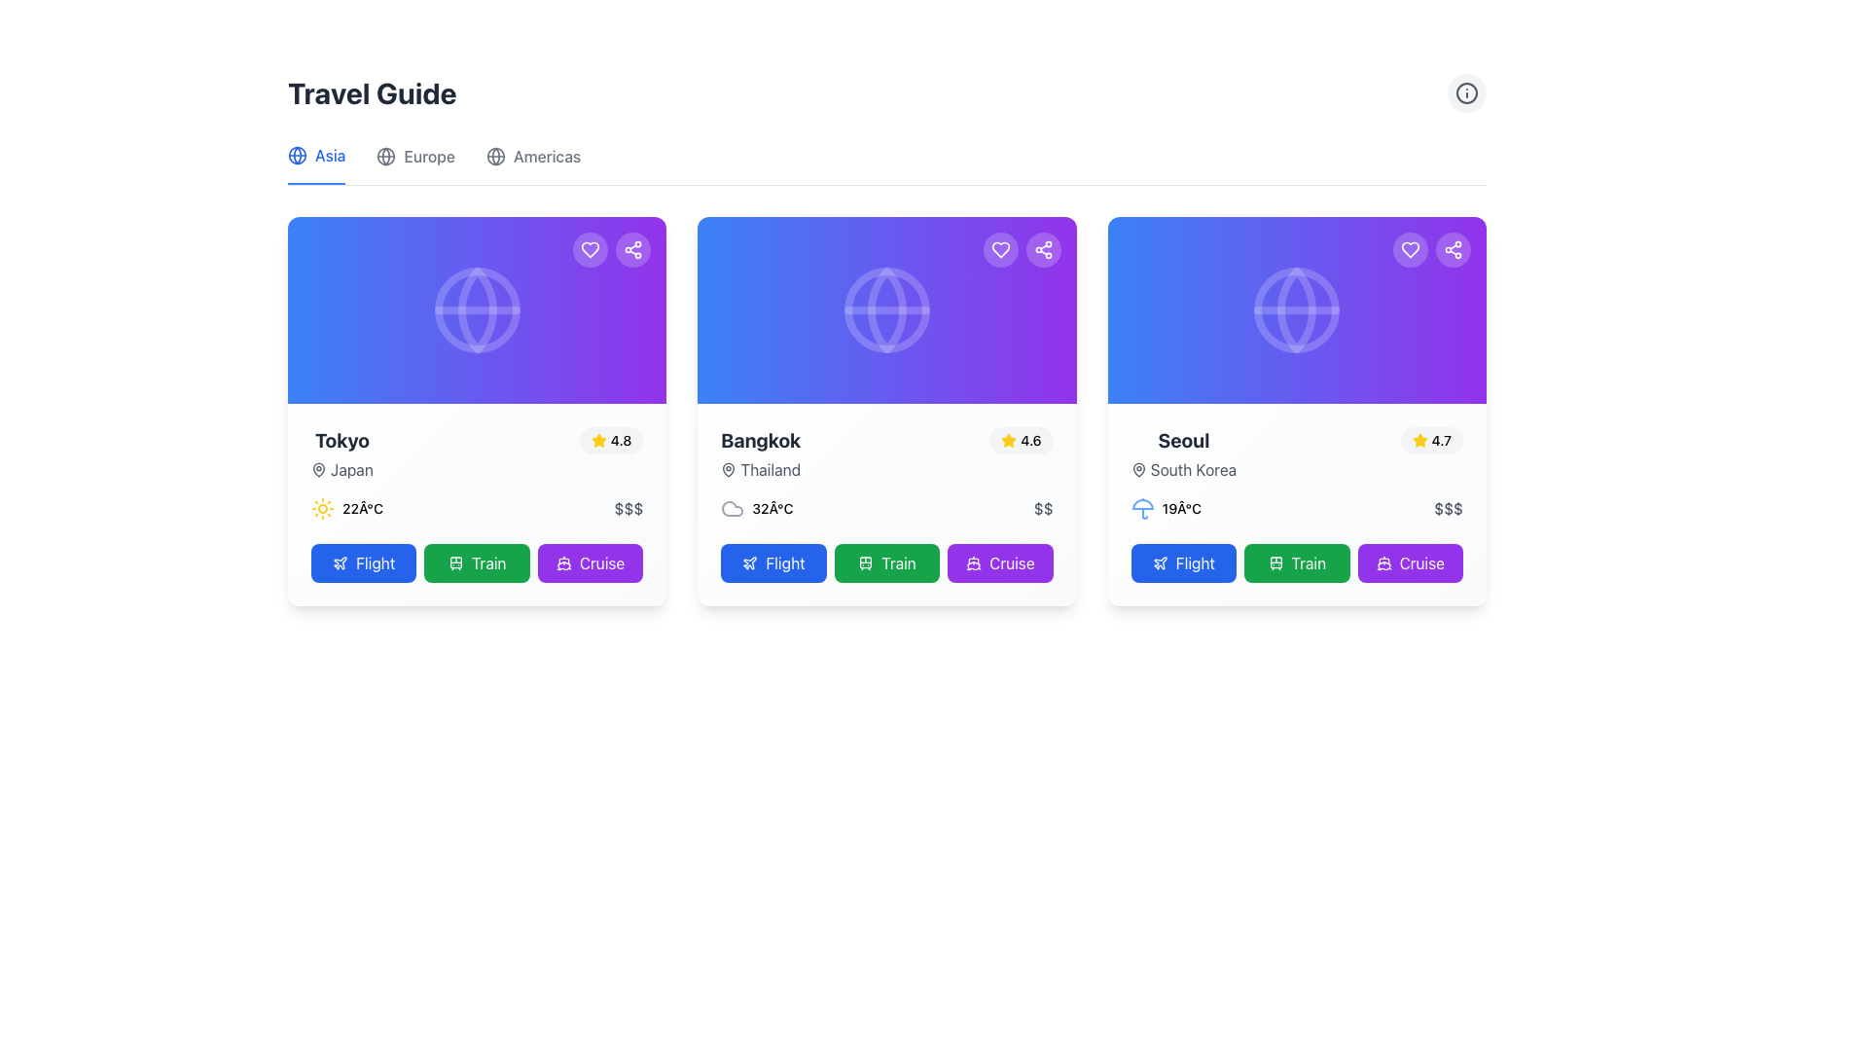 This screenshot has height=1051, width=1868. Describe the element at coordinates (1410, 249) in the screenshot. I see `the favorite button located in the upper-right corner of the card representing the 'Seoul' destination to mark it as a favorite` at that location.